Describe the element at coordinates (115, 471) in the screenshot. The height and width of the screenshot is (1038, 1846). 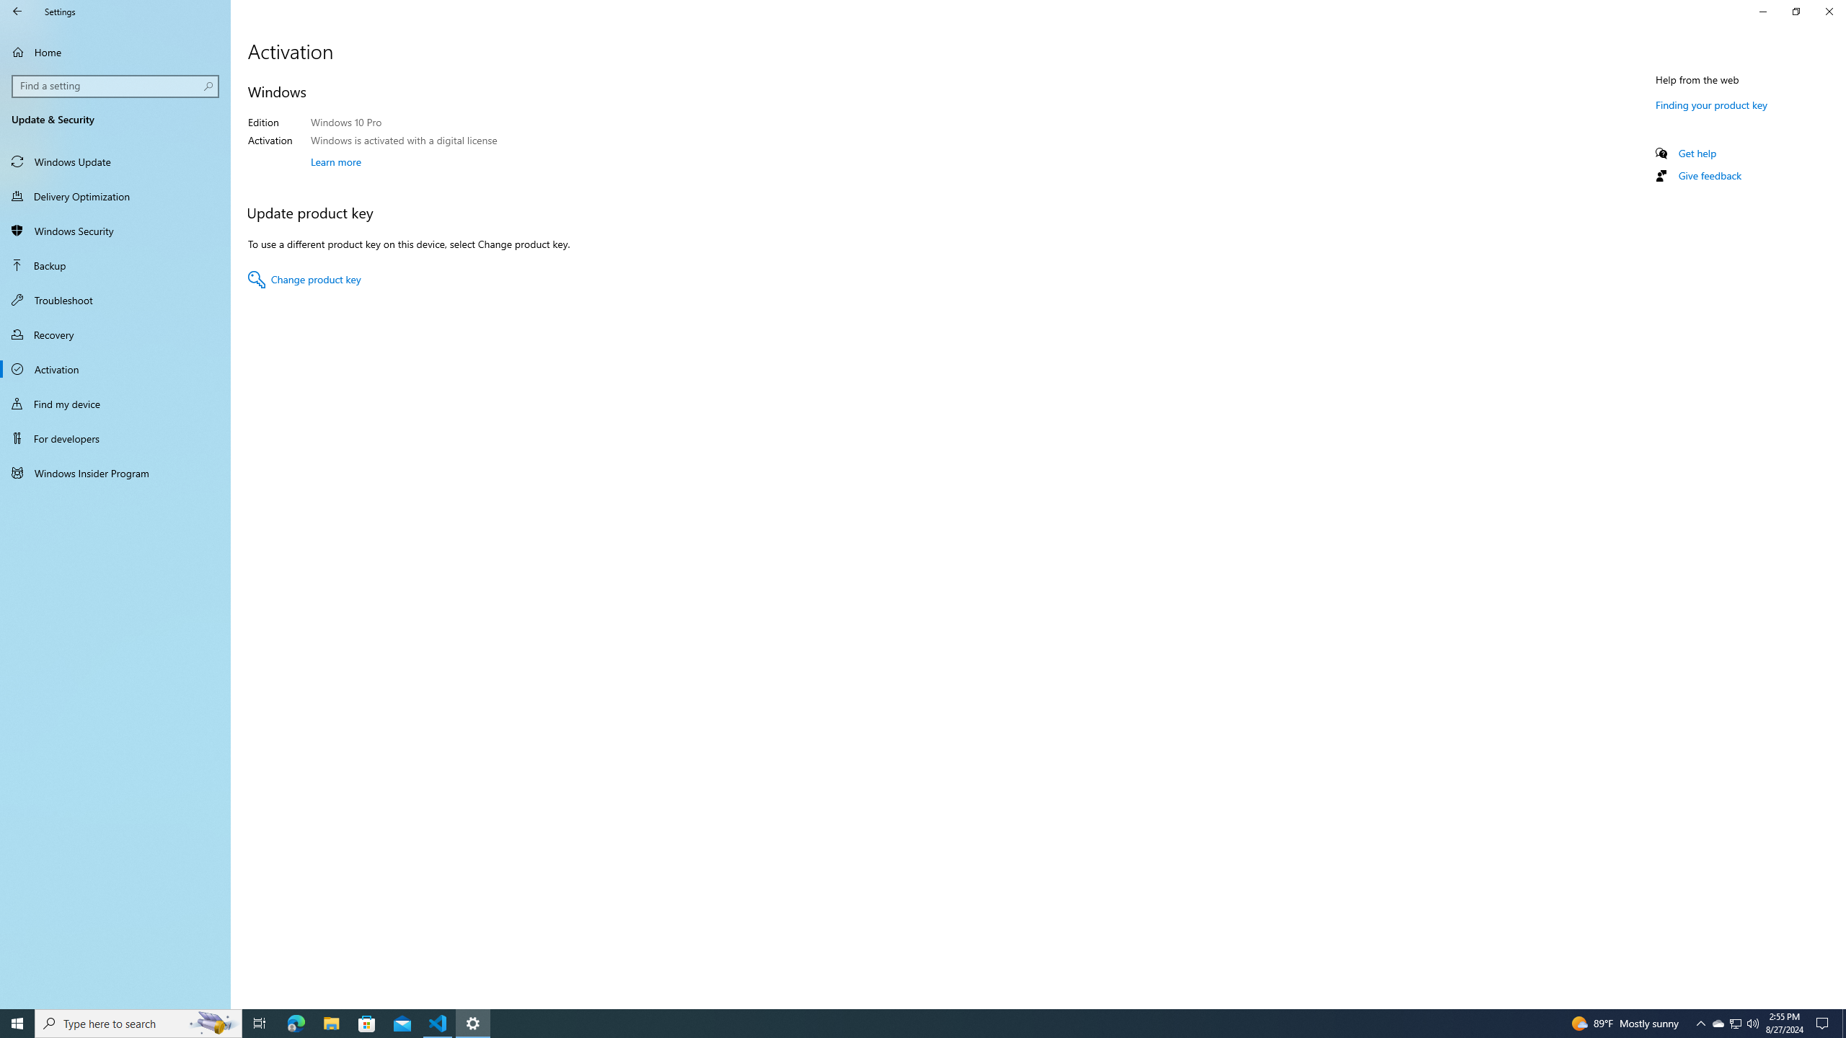
I see `'Windows Insider Program'` at that location.